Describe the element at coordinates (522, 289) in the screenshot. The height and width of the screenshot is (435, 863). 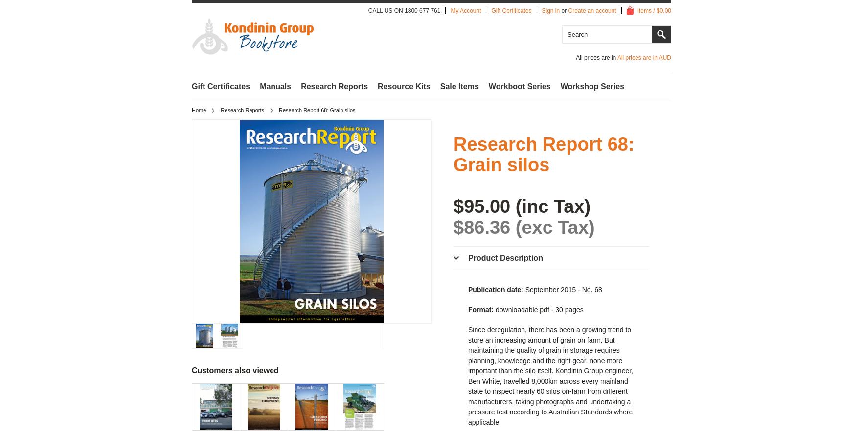
I see `'September 2015 - No. 68'` at that location.